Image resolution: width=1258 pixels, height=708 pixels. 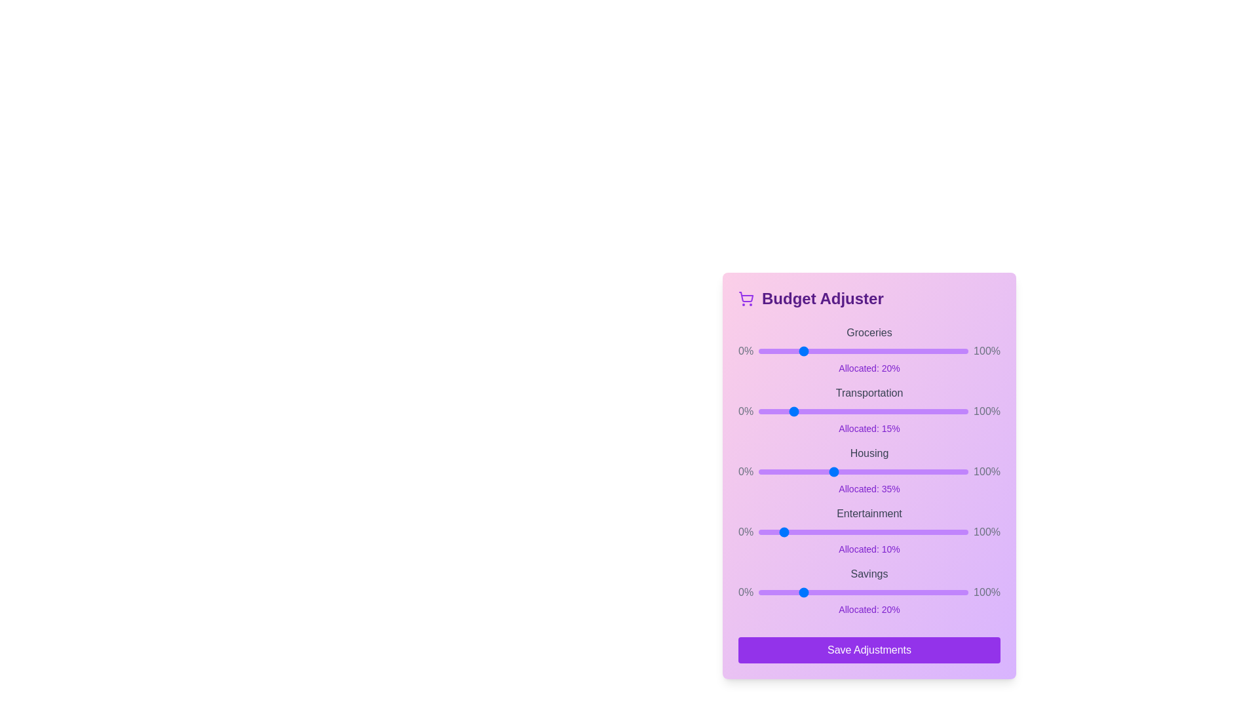 What do you see at coordinates (827, 351) in the screenshot?
I see `the slider for a specific category to set its allocation to 33%` at bounding box center [827, 351].